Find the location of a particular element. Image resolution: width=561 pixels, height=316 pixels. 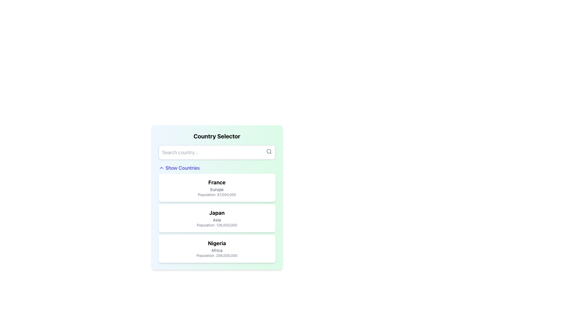

the chevron icon-based toggle button located immediately to the left of the 'Show Countries' text is located at coordinates (161, 168).